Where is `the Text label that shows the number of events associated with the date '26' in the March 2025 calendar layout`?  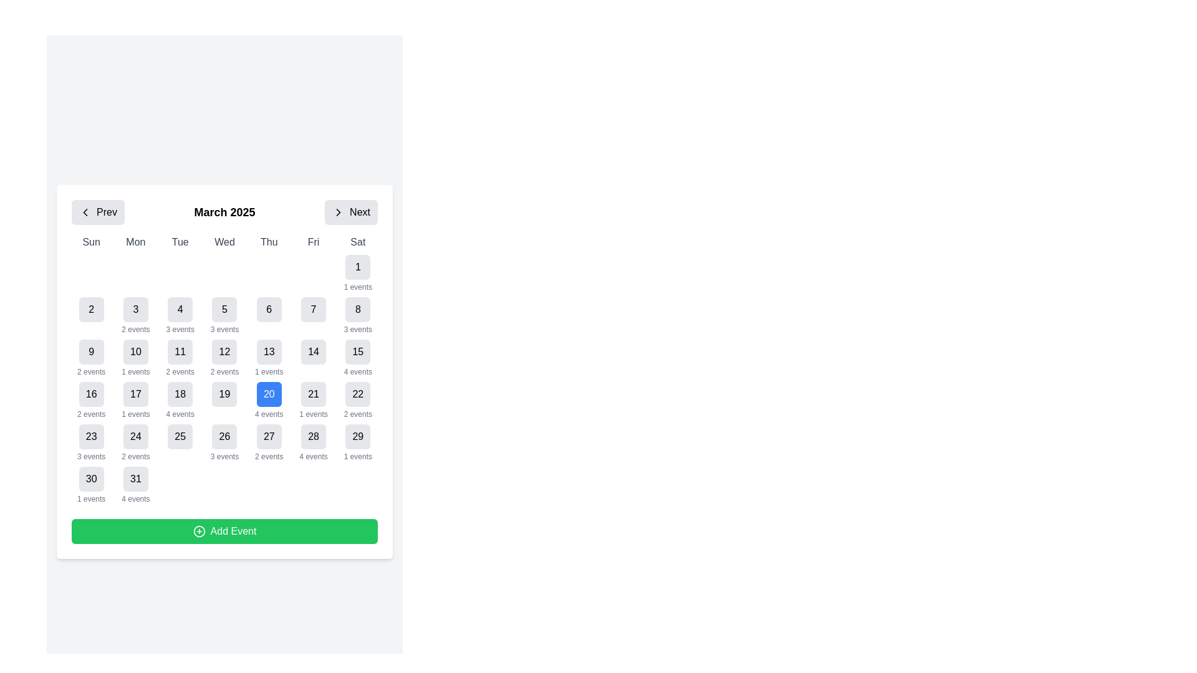
the Text label that shows the number of events associated with the date '26' in the March 2025 calendar layout is located at coordinates (224, 456).